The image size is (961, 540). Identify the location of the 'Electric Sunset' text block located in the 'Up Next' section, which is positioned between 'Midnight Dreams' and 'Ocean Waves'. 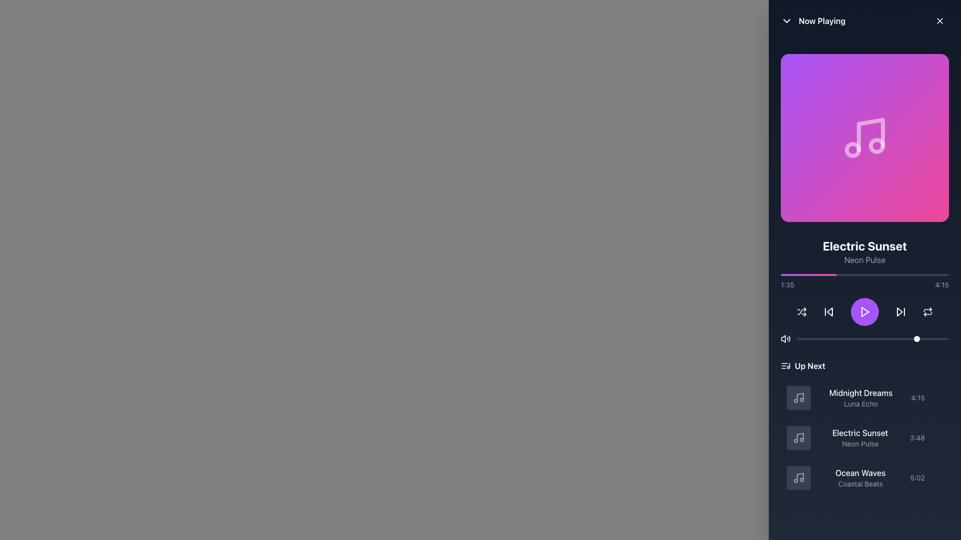
(859, 437).